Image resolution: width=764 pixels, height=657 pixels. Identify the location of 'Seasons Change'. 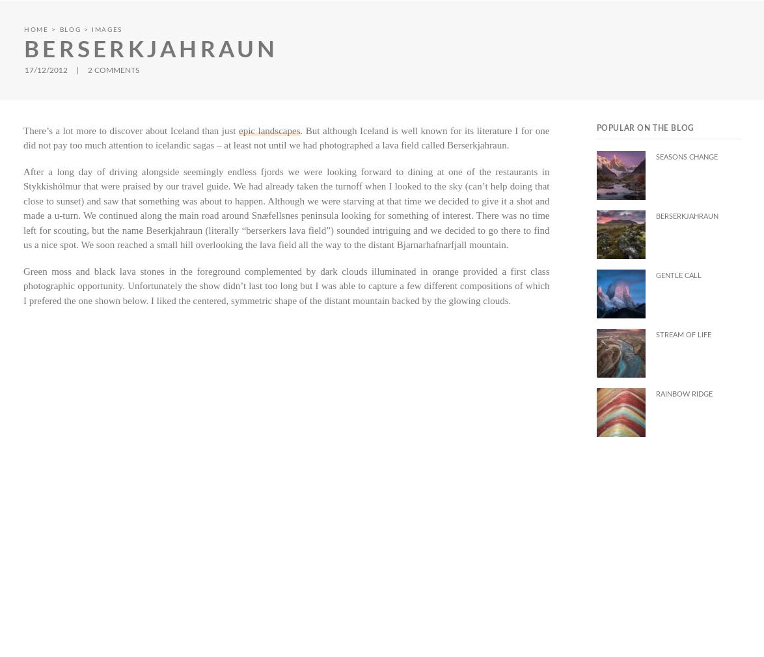
(685, 156).